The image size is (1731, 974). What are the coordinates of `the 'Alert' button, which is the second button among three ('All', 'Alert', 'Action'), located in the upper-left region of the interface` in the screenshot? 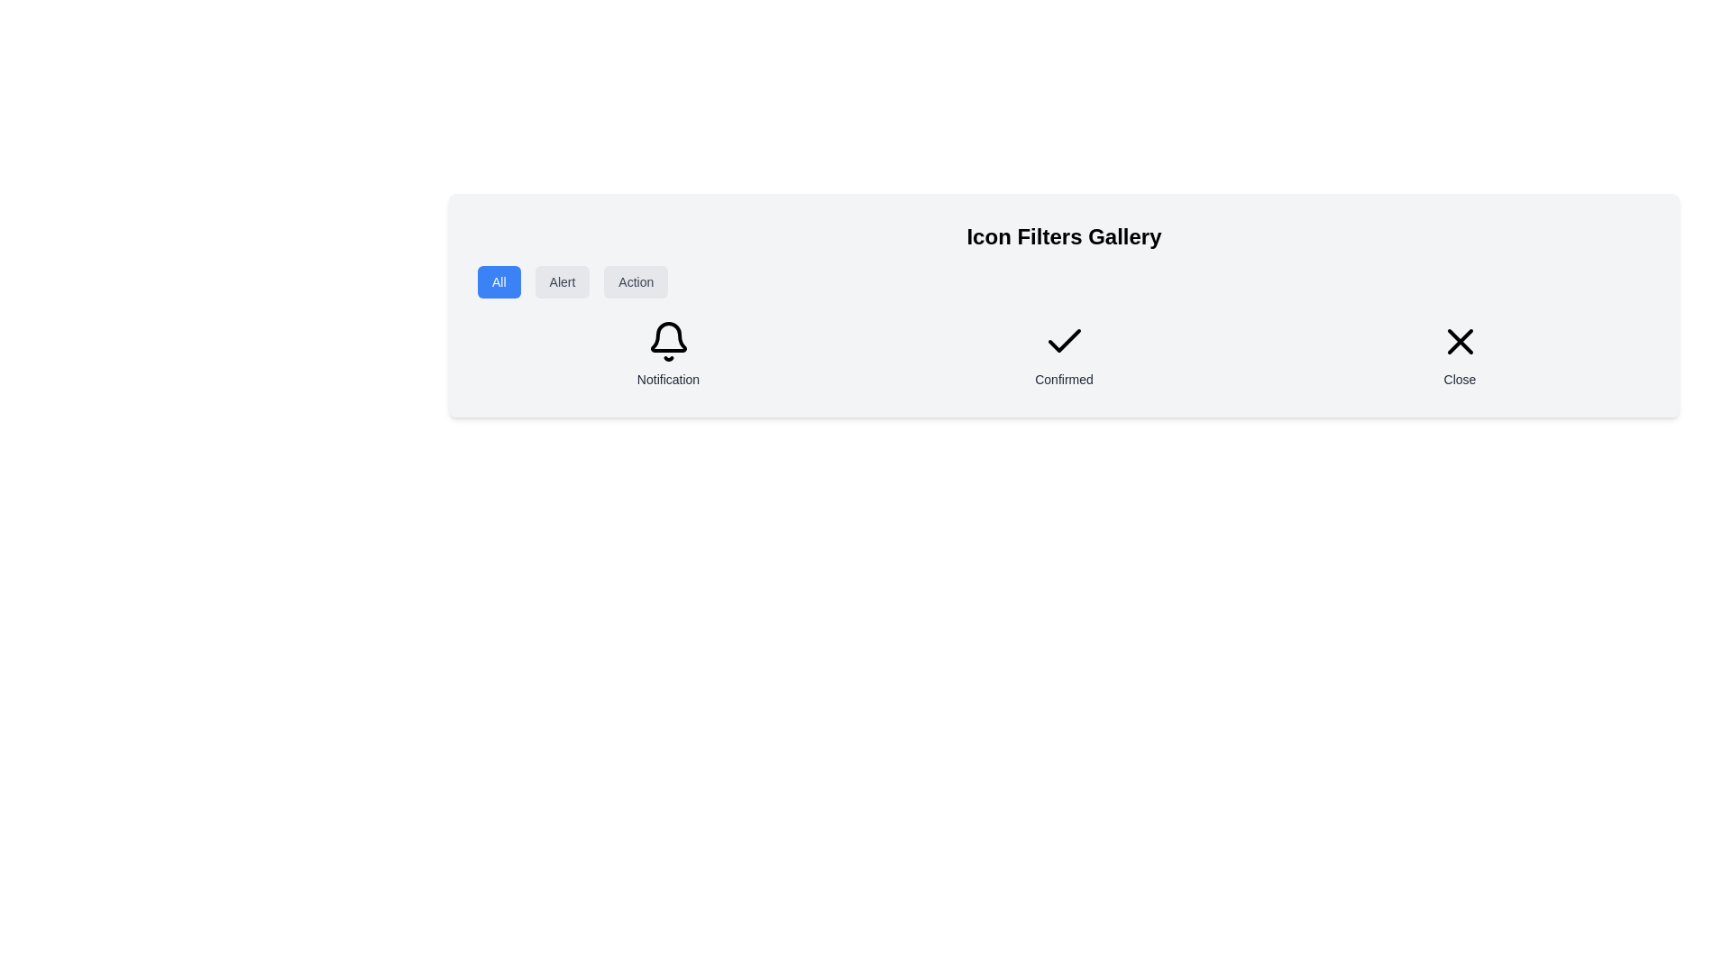 It's located at (562, 281).